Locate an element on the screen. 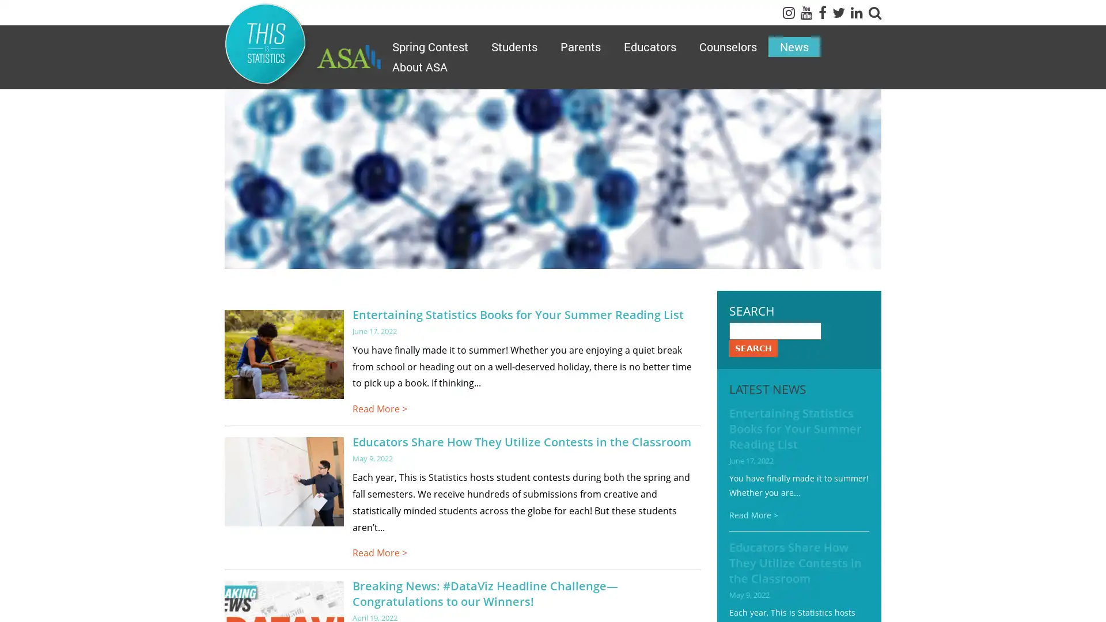 The width and height of the screenshot is (1106, 622). Search is located at coordinates (752, 347).